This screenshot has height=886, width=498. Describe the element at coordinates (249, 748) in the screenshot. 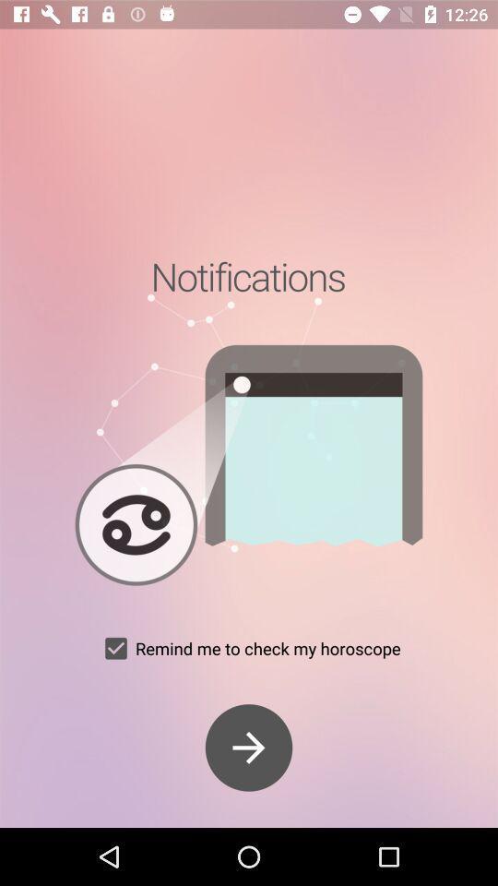

I see `the icon below the remind me to` at that location.